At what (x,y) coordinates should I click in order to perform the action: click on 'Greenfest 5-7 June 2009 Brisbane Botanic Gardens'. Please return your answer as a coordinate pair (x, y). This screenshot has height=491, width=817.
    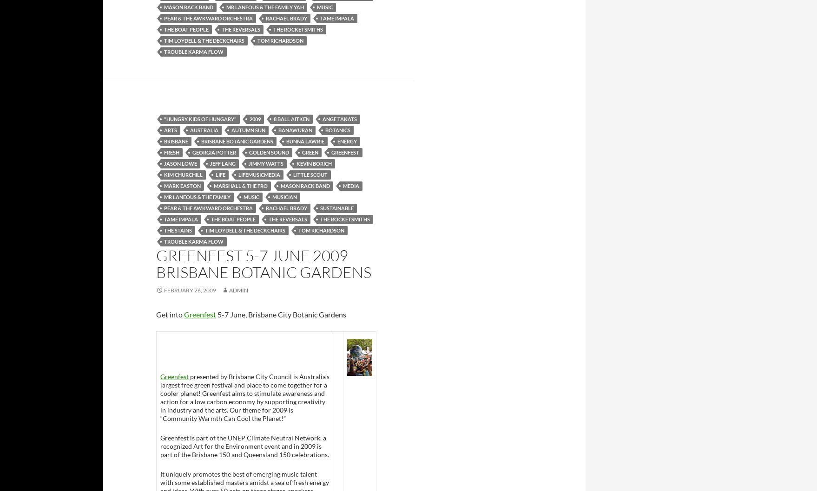
    Looking at the image, I should click on (263, 263).